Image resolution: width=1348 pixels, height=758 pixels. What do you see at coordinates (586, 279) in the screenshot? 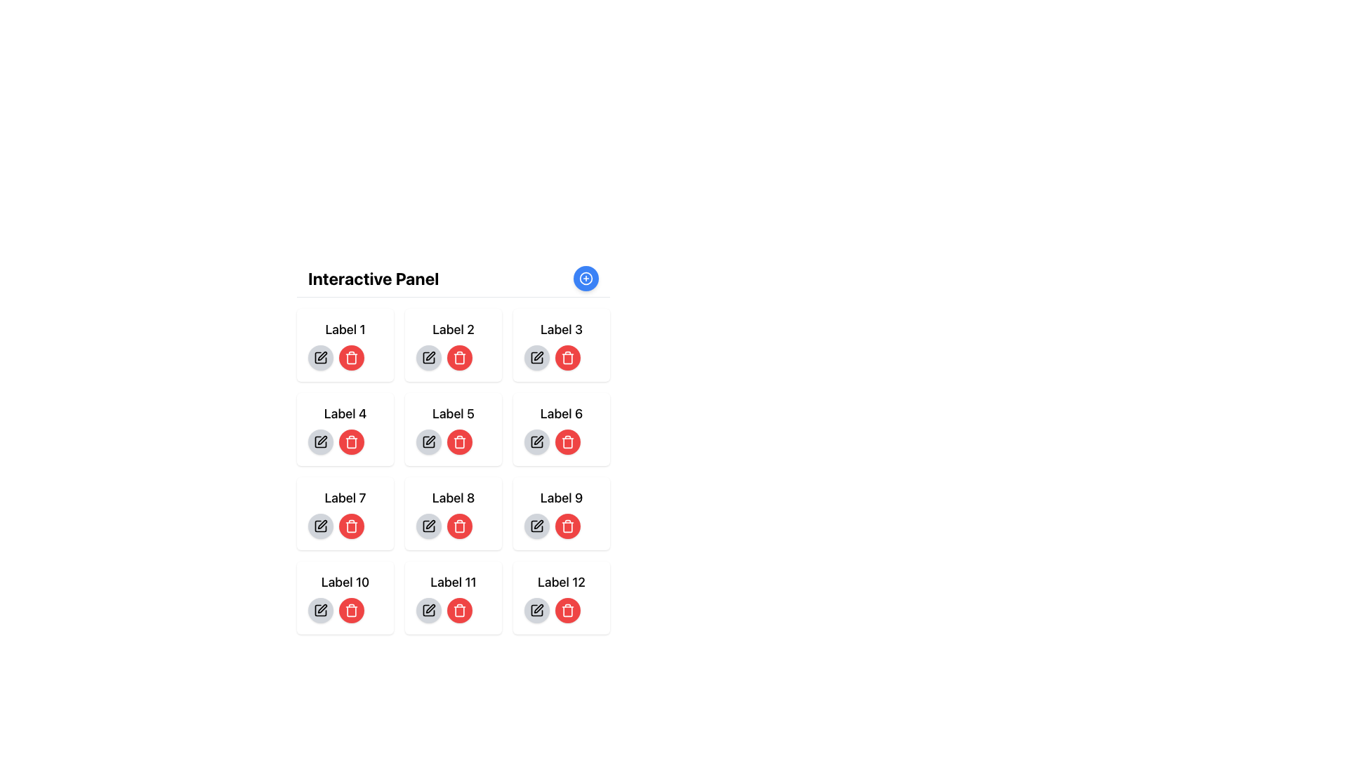
I see `the Icon Button located at the top-right corner of the interface` at bounding box center [586, 279].